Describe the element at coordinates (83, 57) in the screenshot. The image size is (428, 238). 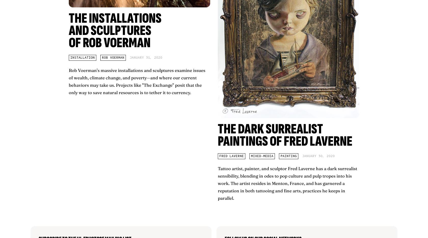
I see `'installation'` at that location.